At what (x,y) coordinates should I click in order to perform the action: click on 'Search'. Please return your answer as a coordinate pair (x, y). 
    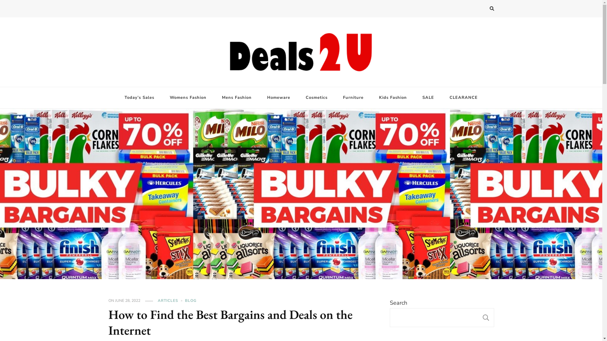
    Looking at the image, I should click on (480, 9).